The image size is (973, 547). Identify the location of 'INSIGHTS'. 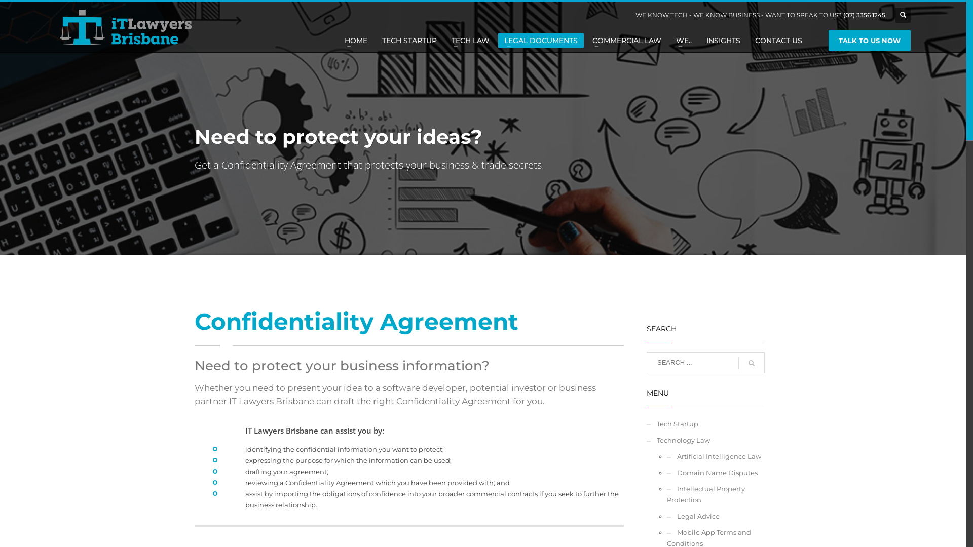
(700, 40).